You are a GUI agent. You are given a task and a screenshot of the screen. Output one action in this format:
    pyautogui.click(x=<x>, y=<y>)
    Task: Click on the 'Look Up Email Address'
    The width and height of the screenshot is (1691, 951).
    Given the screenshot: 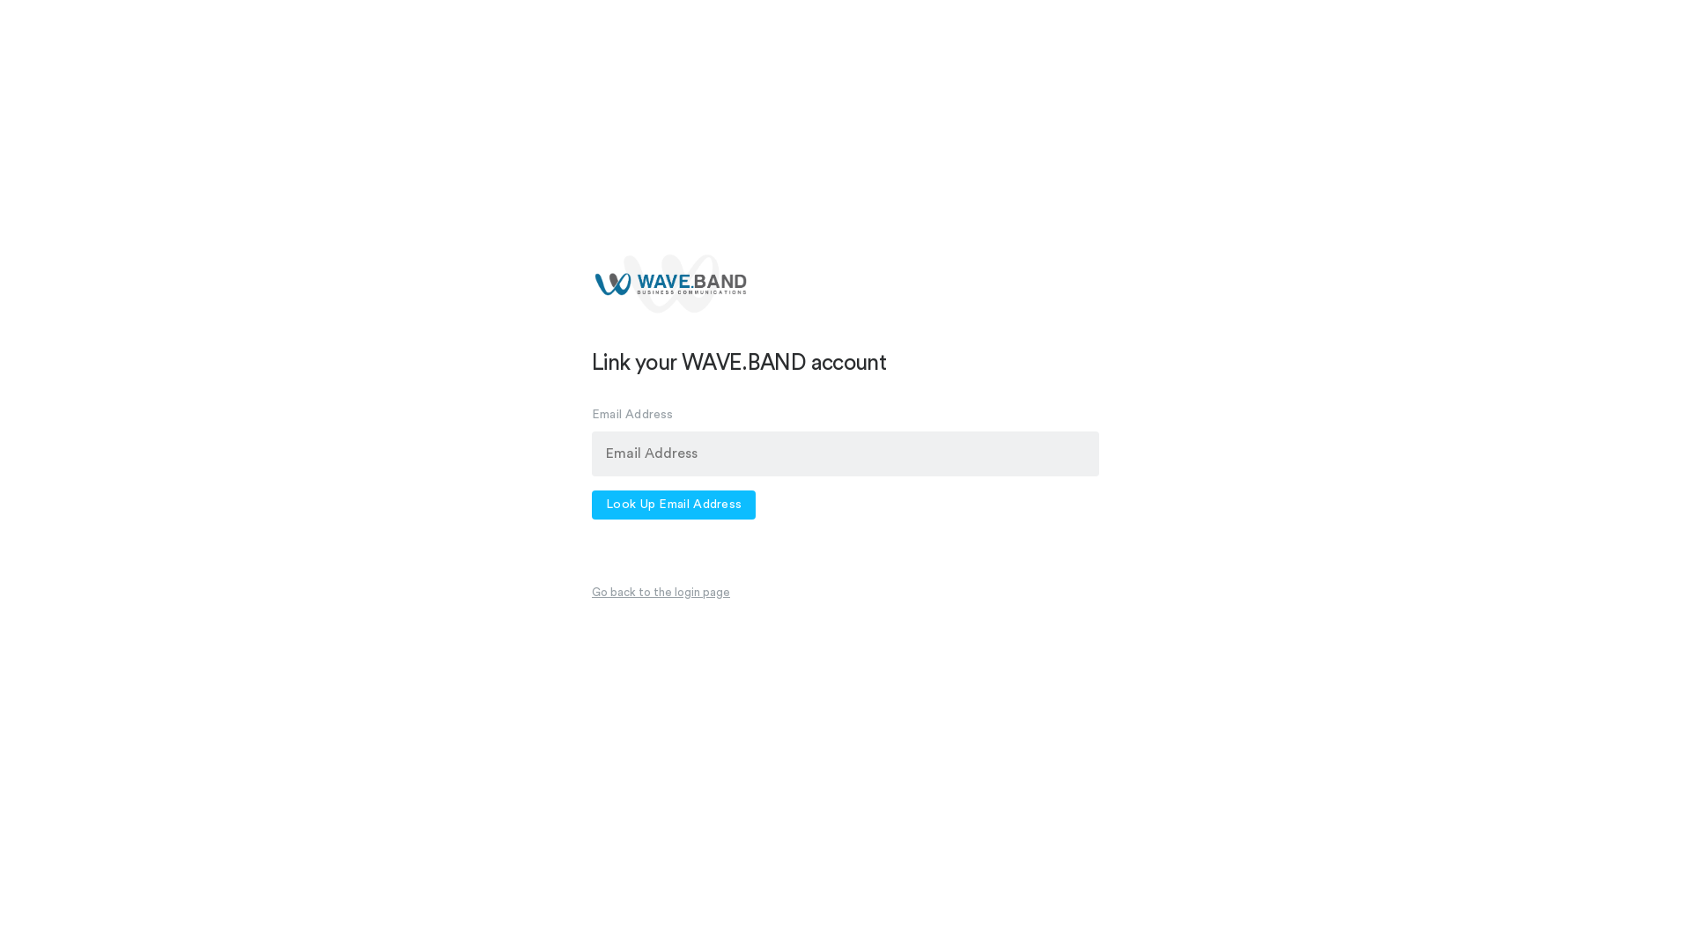 What is the action you would take?
    pyautogui.click(x=672, y=505)
    